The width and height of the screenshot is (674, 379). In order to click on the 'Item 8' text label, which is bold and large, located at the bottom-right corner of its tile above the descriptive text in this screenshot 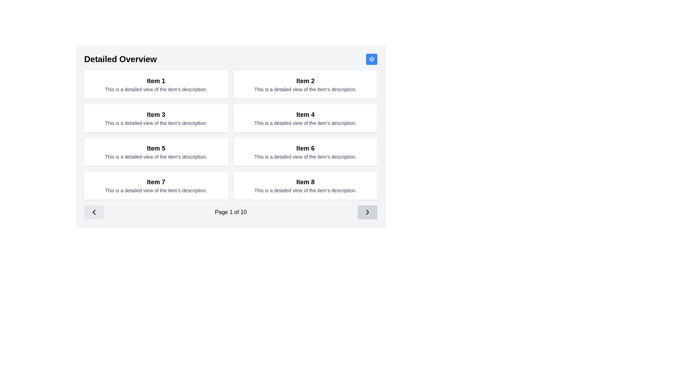, I will do `click(305, 182)`.